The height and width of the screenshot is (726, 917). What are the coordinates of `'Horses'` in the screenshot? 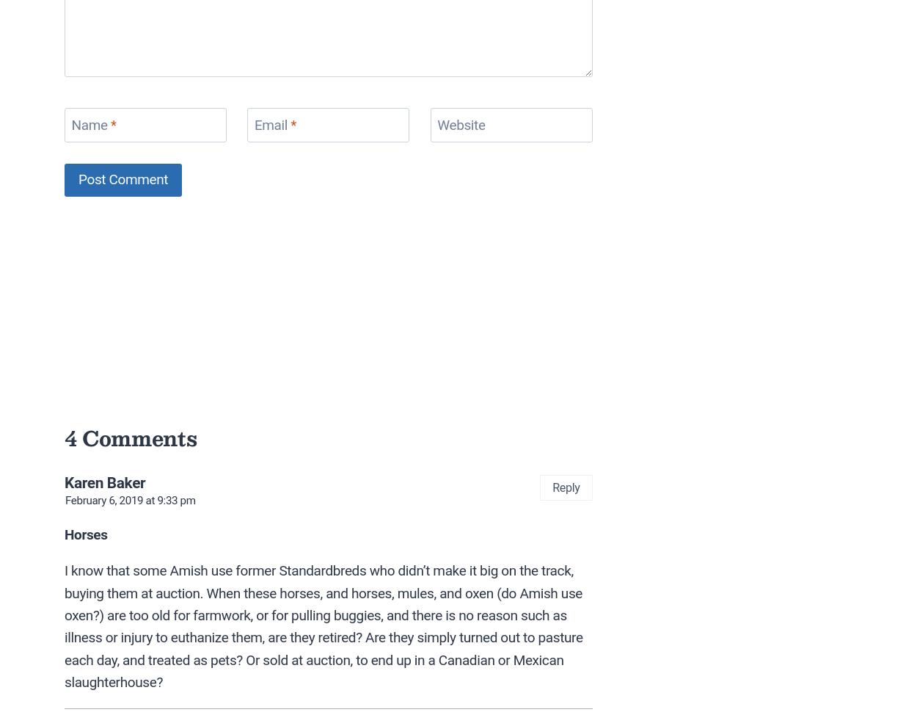 It's located at (85, 534).